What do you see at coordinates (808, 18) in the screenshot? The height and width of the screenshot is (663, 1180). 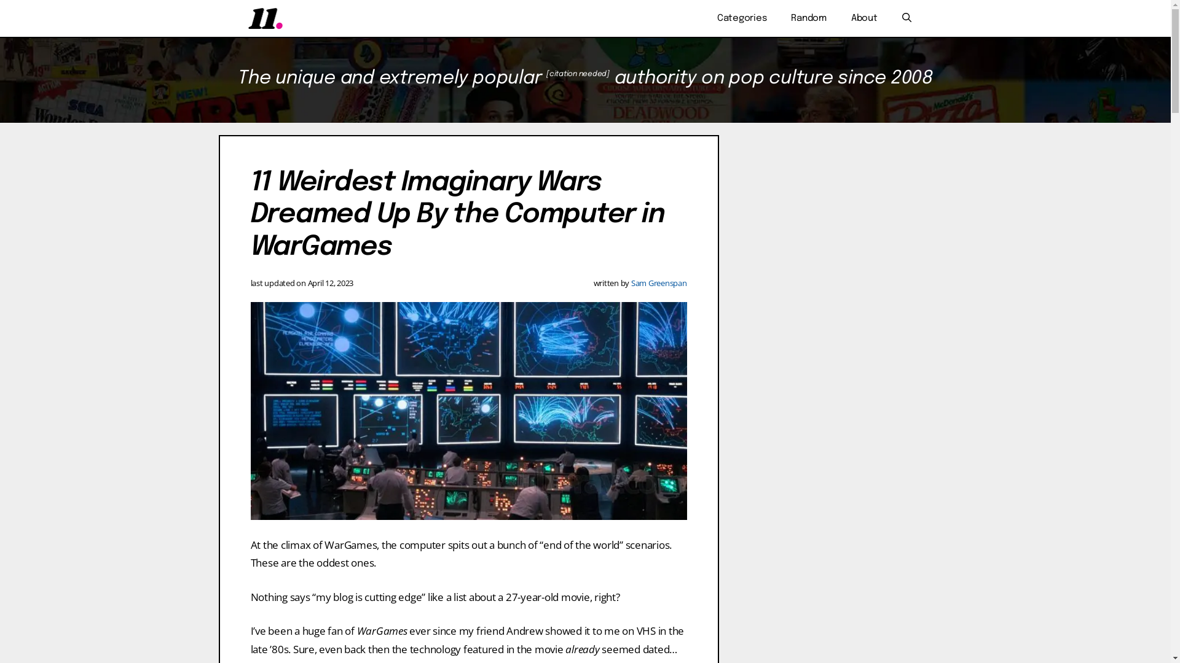 I see `'Random'` at bounding box center [808, 18].